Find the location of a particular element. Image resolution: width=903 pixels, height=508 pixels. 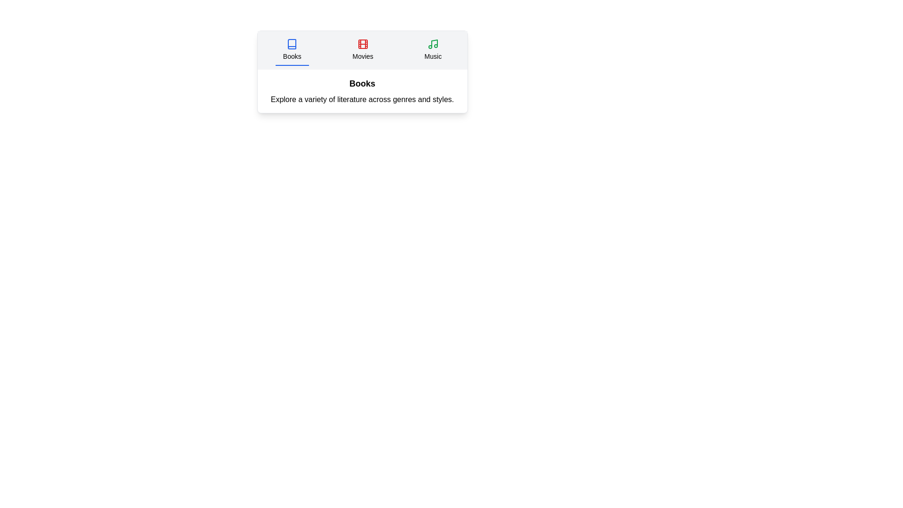

the Movies tab to select it is located at coordinates (362, 50).